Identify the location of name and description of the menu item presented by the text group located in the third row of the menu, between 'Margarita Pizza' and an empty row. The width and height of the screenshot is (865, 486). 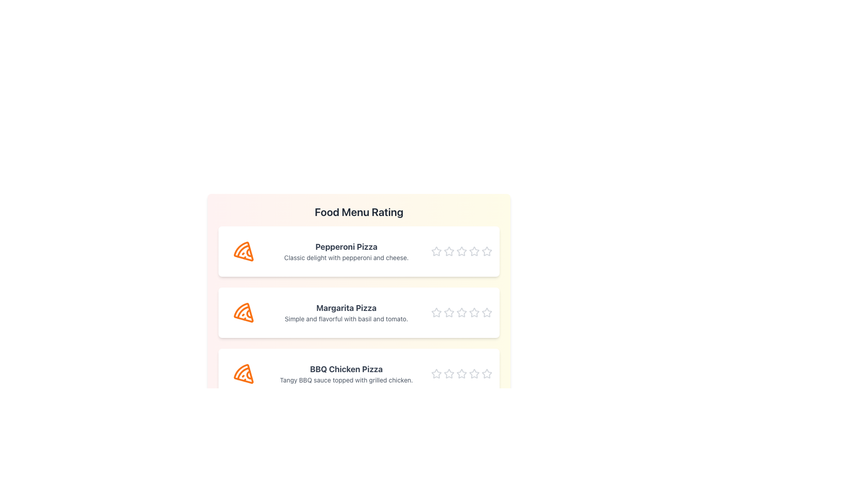
(346, 373).